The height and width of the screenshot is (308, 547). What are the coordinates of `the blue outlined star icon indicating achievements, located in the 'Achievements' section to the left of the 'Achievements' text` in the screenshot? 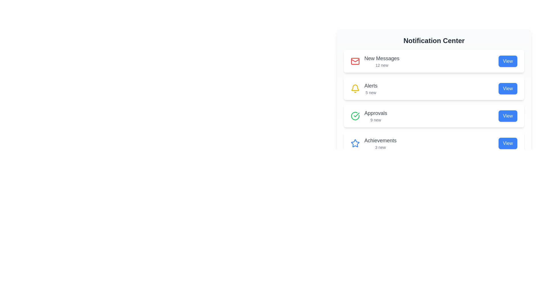 It's located at (355, 143).